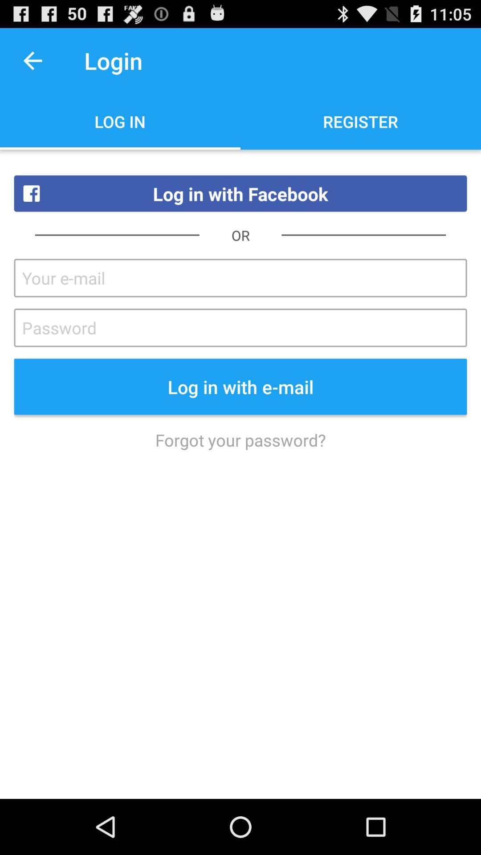 This screenshot has width=481, height=855. Describe the element at coordinates (240, 327) in the screenshot. I see `password` at that location.